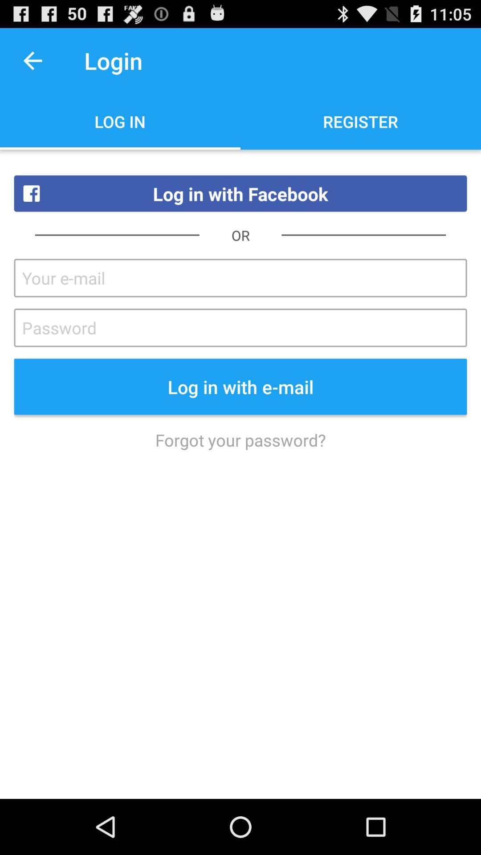 This screenshot has width=481, height=855. Describe the element at coordinates (240, 327) in the screenshot. I see `password` at that location.